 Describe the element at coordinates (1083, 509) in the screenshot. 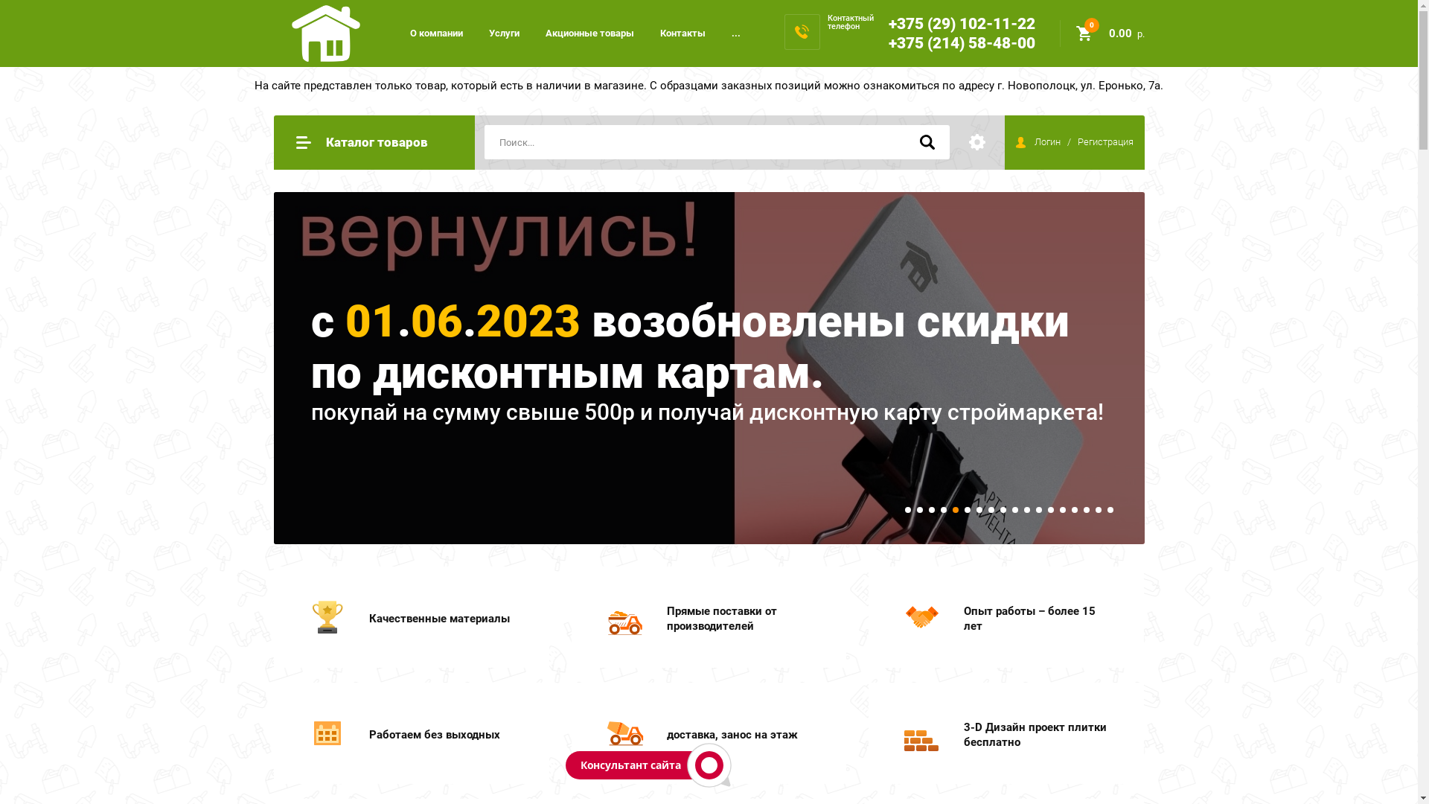

I see `'16'` at that location.